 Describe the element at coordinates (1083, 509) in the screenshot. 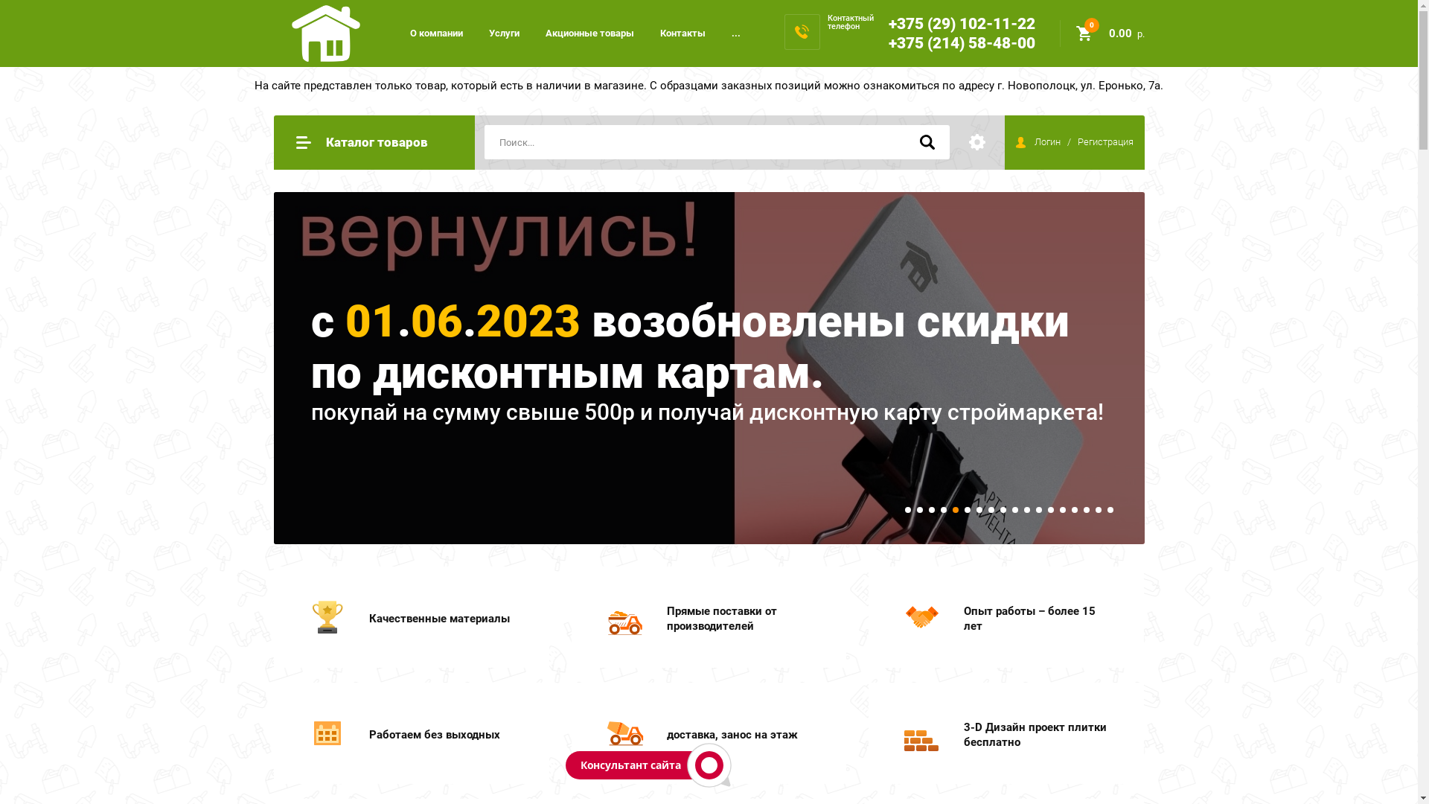

I see `'16'` at that location.